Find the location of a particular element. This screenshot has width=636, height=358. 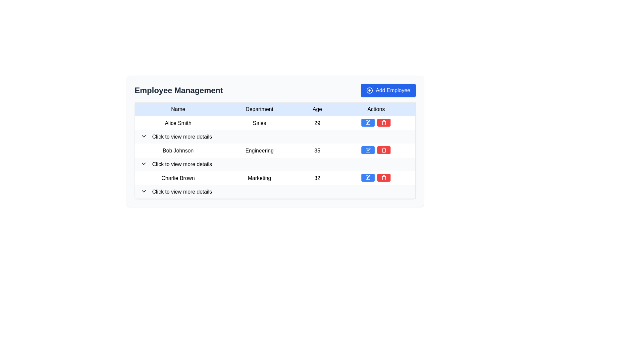

the delete button in the 'Actions' column of the table for 'Bob Johnson' is located at coordinates (384, 150).